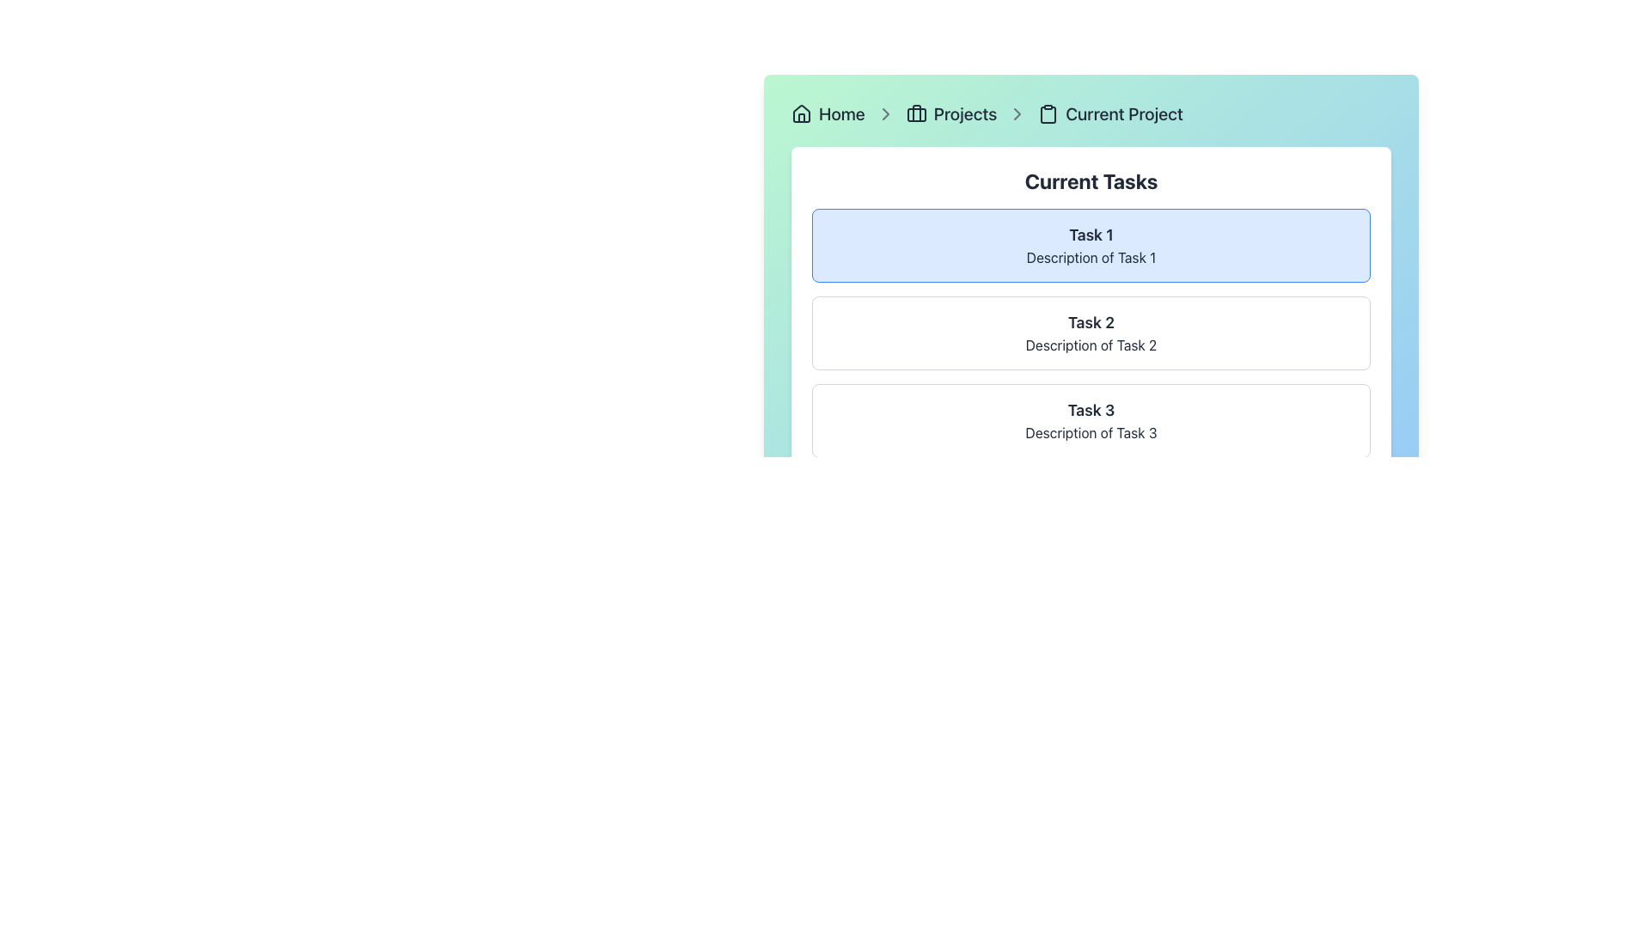  I want to click on the task summary card that is the second in a vertical list of similar cards, so click(1091, 333).